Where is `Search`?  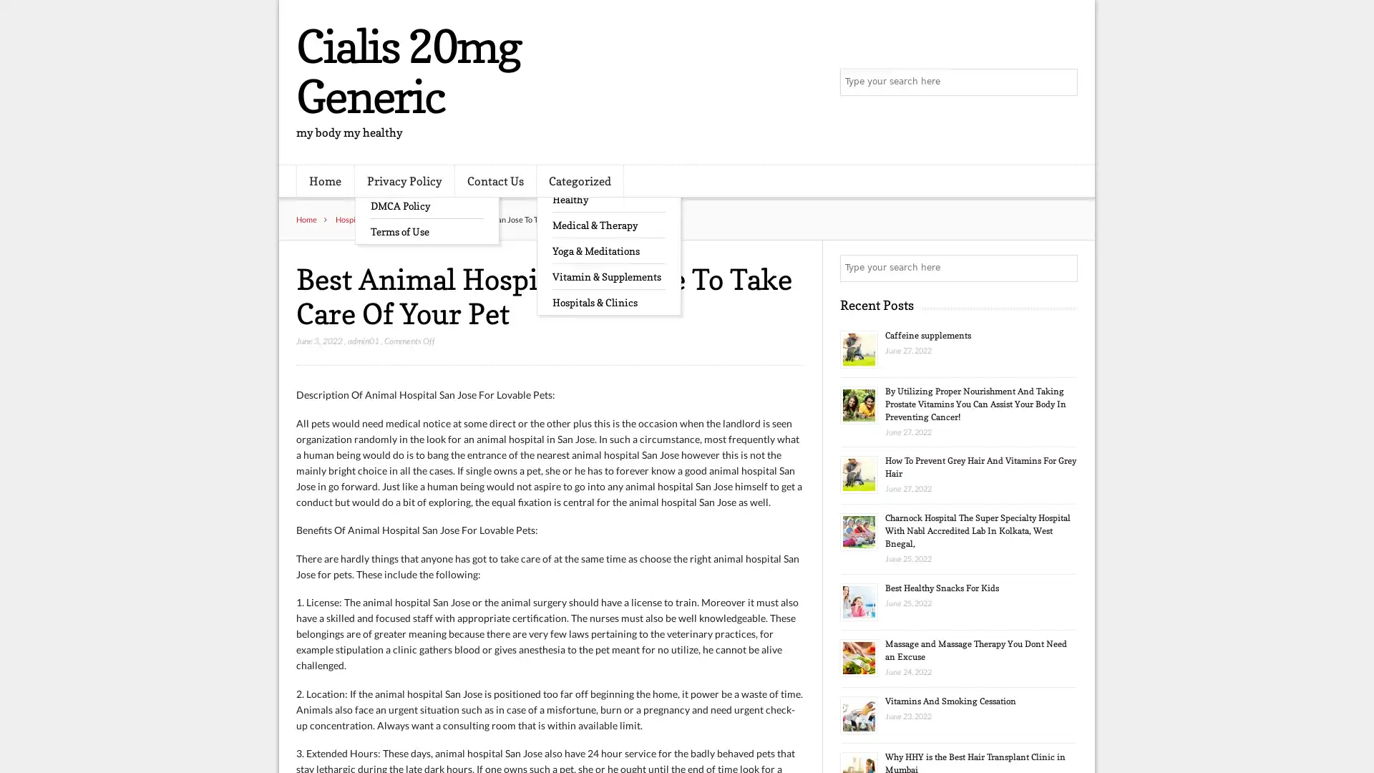
Search is located at coordinates (1063, 268).